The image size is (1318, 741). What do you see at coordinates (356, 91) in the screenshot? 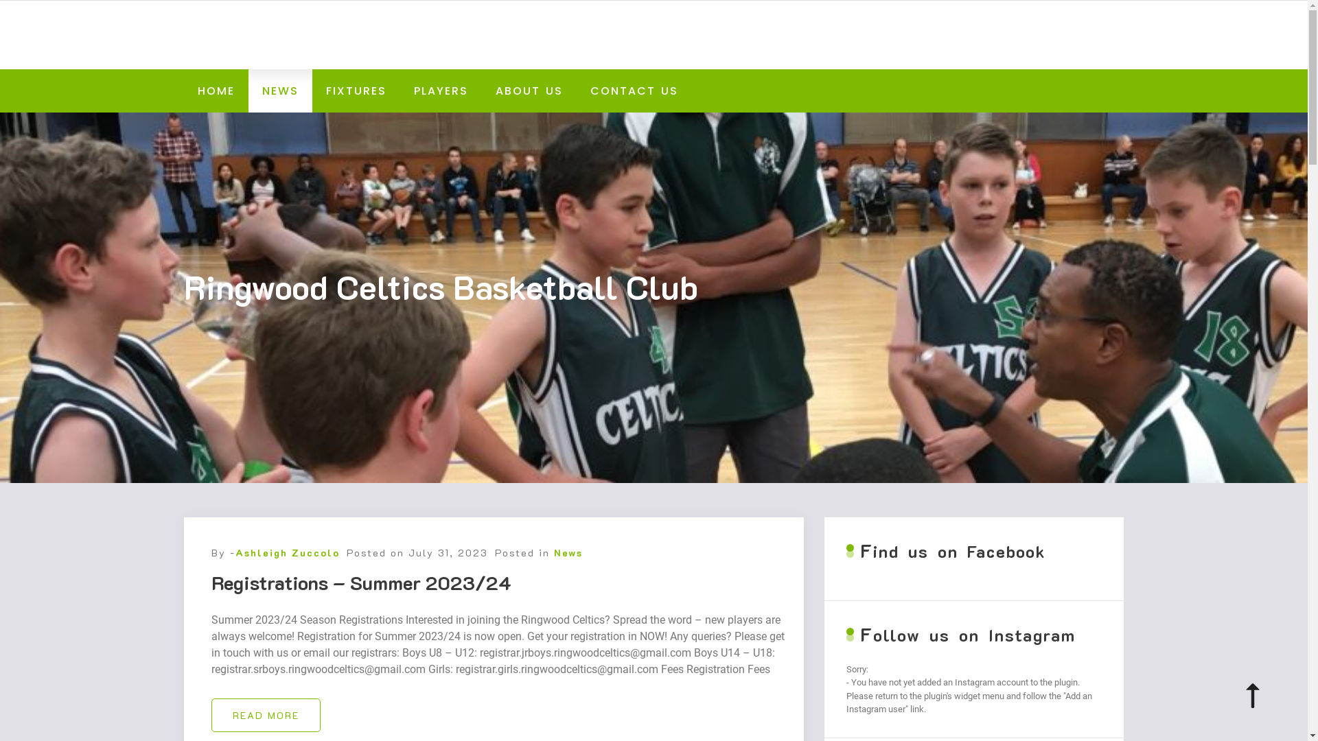
I see `'FIXTURES'` at bounding box center [356, 91].